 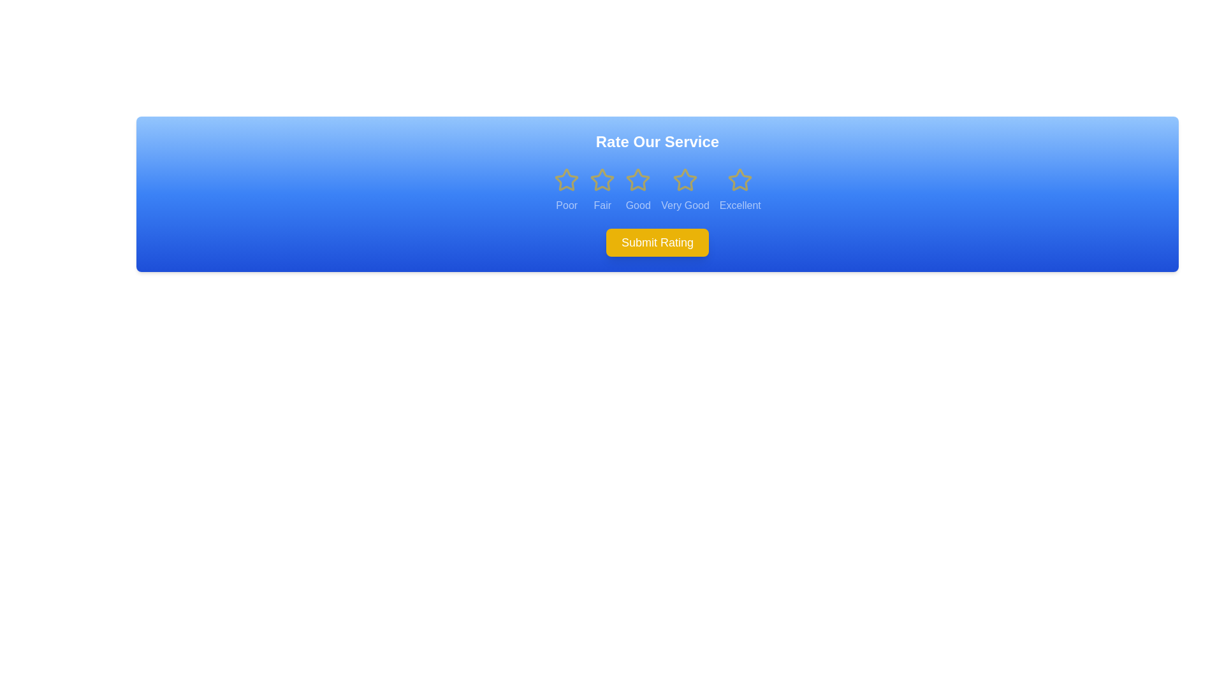 I want to click on the hollow star SVG icon representing the 'Poor' rating in the rating system, so click(x=566, y=180).